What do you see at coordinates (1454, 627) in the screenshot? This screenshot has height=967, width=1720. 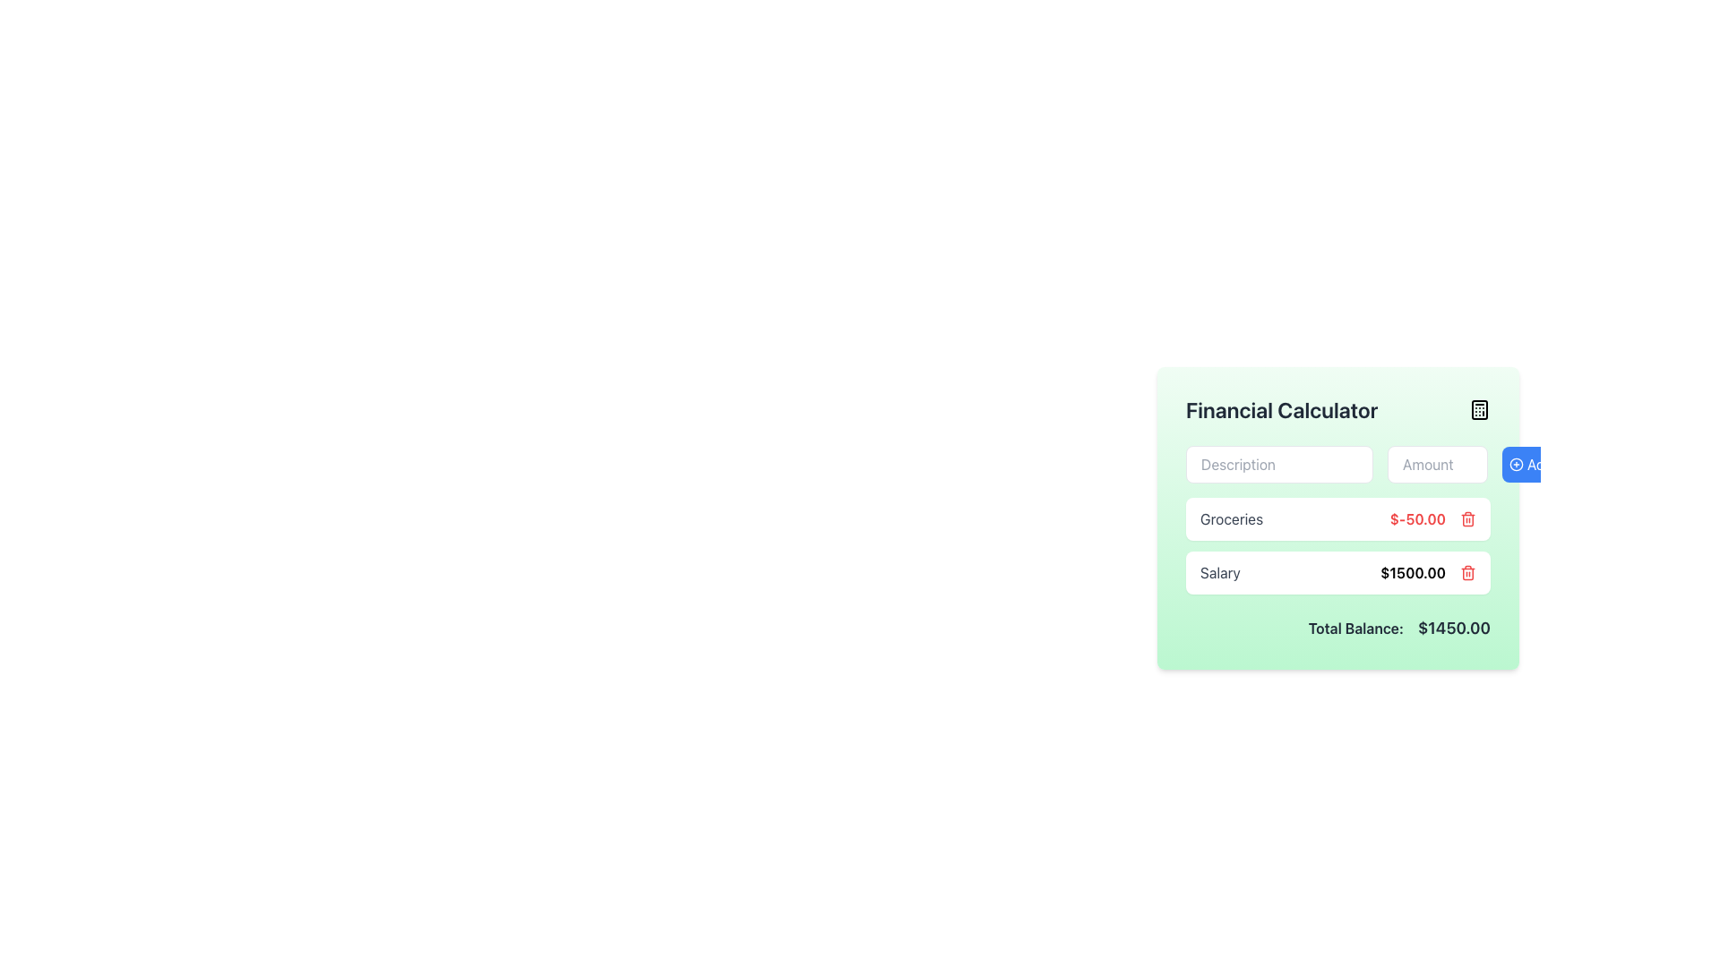 I see `the Text Display element that shows the calculated financial total of '$1450.00', located at the bottom-right corner of the card interface` at bounding box center [1454, 627].